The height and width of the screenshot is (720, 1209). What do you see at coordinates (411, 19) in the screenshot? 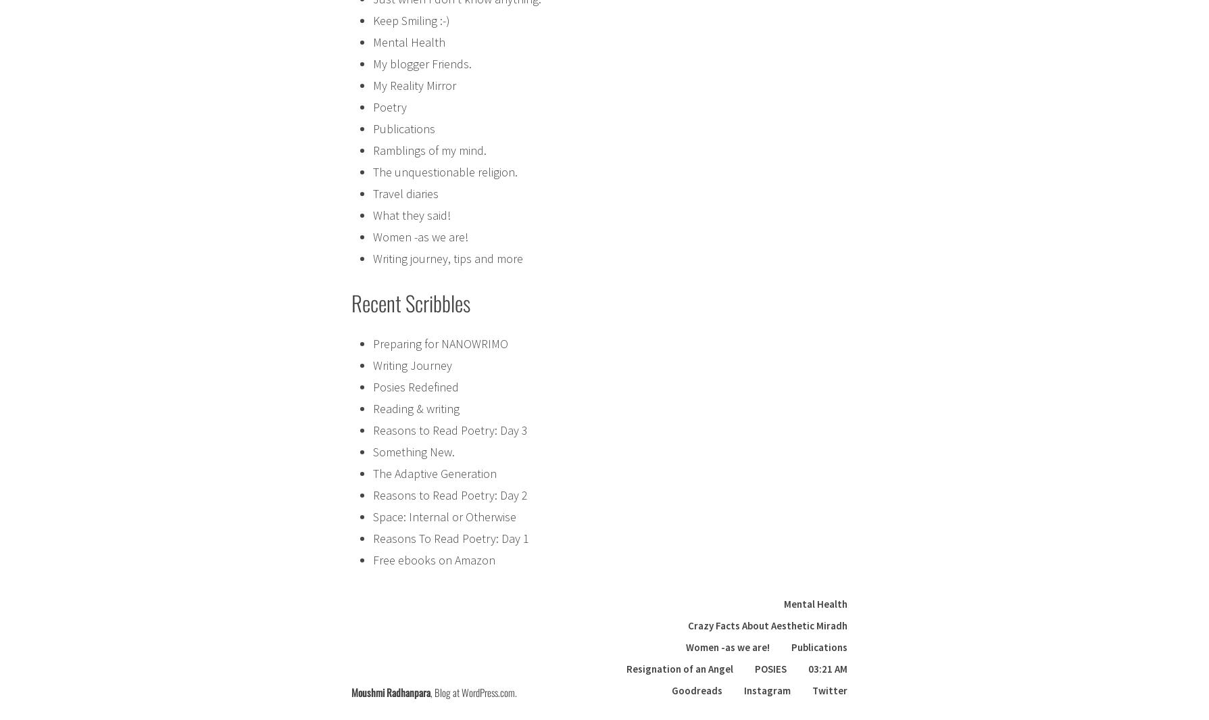
I see `'Keep Smiling :-)'` at bounding box center [411, 19].